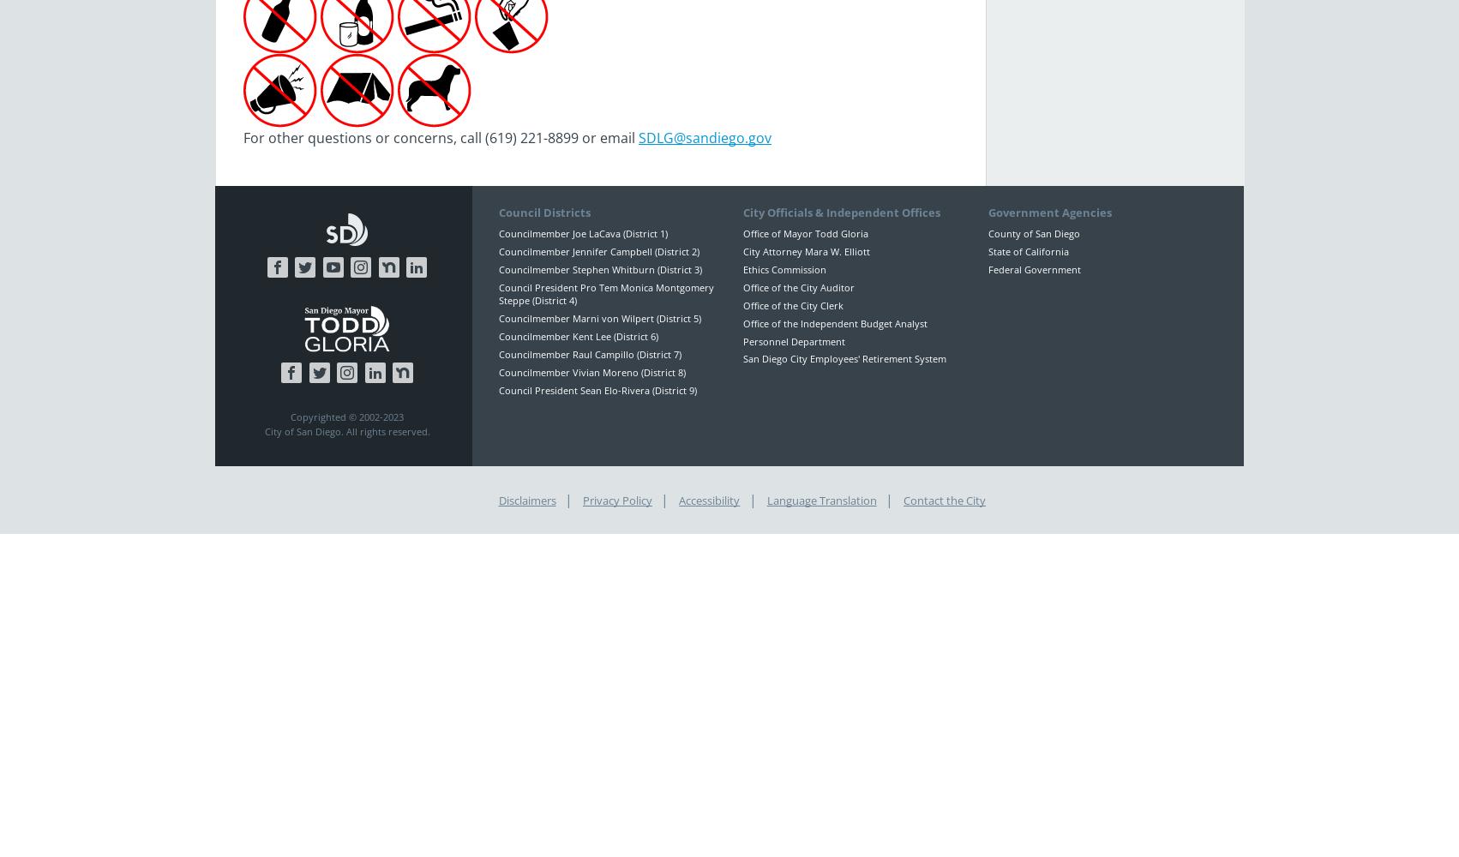  Describe the element at coordinates (347, 416) in the screenshot. I see `'Copyrighted © 2002-2023'` at that location.